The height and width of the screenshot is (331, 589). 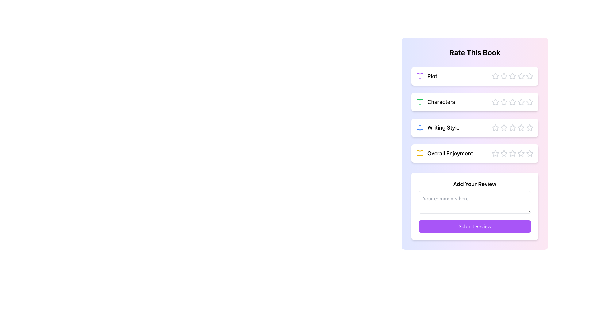 What do you see at coordinates (521, 101) in the screenshot?
I see `the fifth Rating star icon in the 'Characters' section` at bounding box center [521, 101].